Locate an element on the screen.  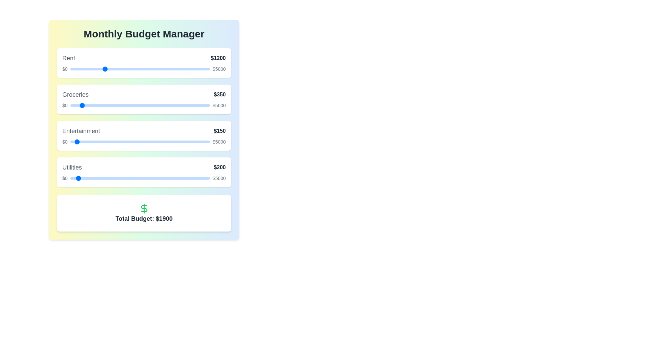
groceries budget is located at coordinates (177, 105).